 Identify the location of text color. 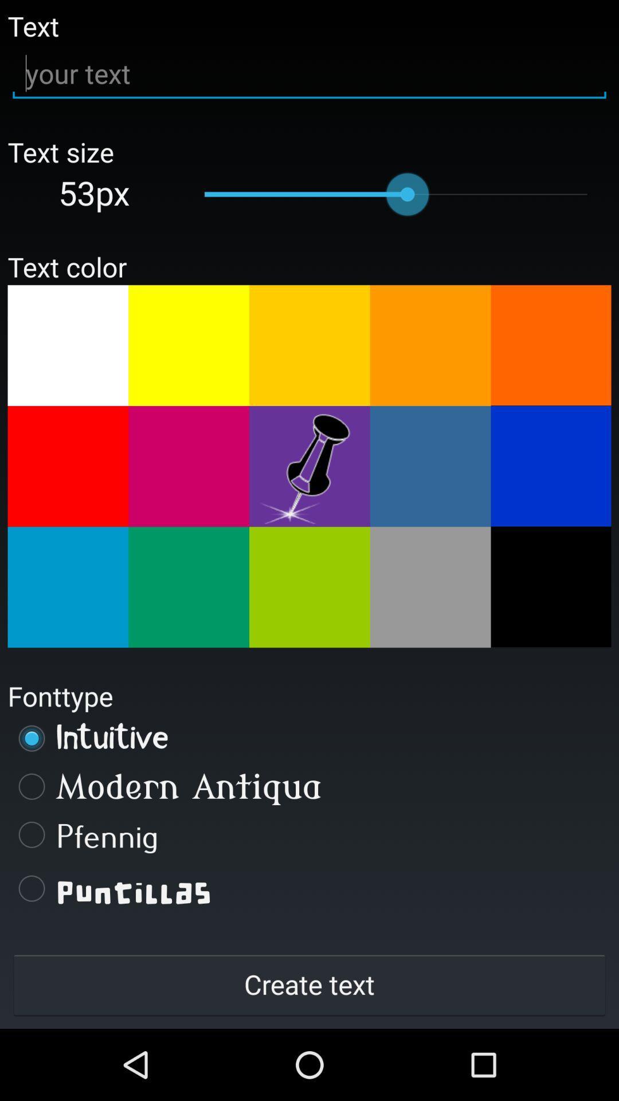
(309, 466).